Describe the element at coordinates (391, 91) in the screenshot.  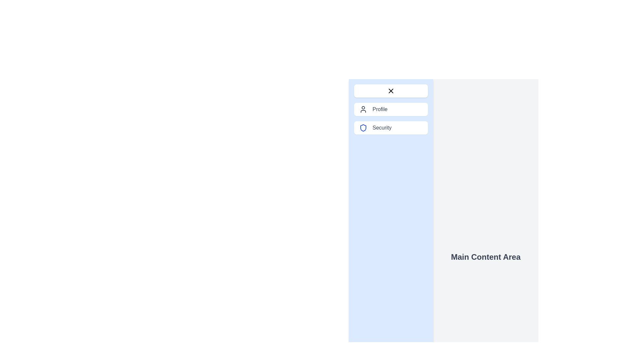
I see `the close button located at the top of the blue side panel` at that location.